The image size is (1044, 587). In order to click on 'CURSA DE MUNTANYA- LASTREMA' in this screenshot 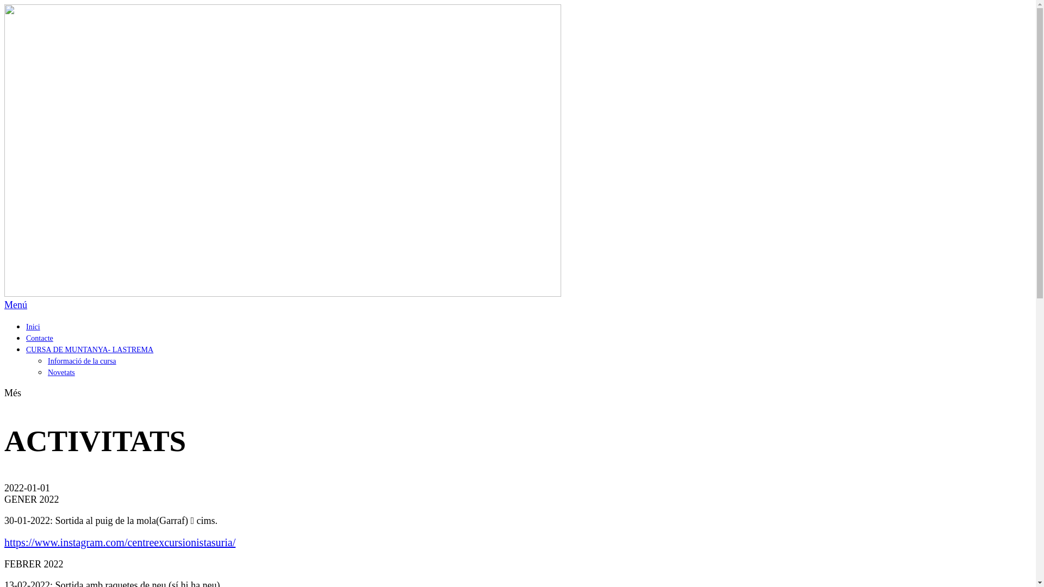, I will do `click(89, 349)`.